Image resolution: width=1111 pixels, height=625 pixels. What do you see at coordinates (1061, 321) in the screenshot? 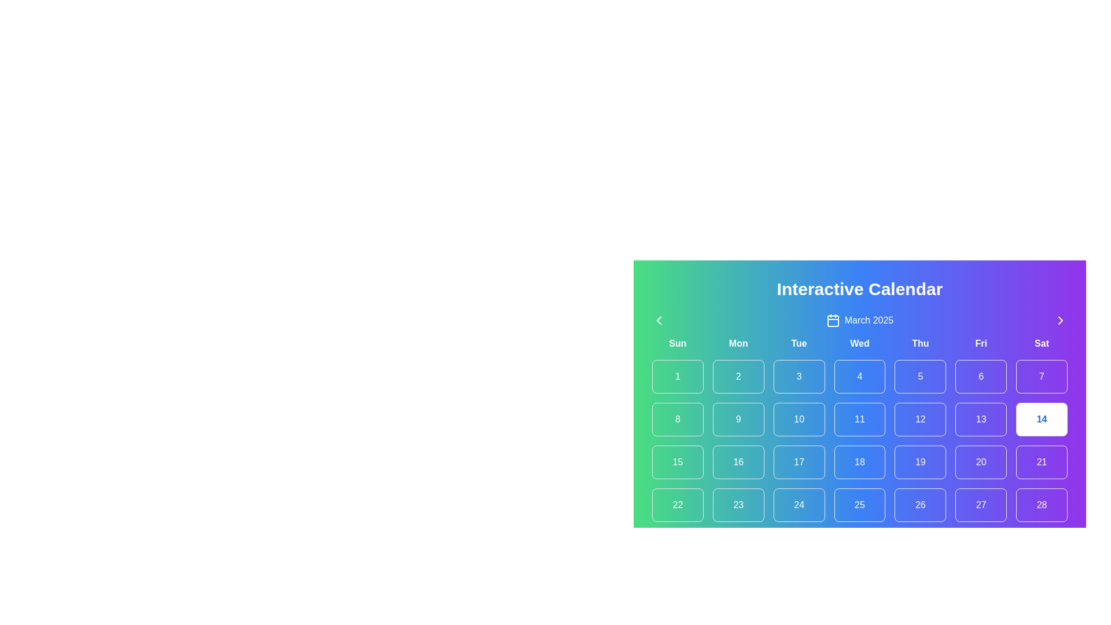
I see `the small right-pointing chevron arrow icon in the top-right corner of the calendar interface` at bounding box center [1061, 321].